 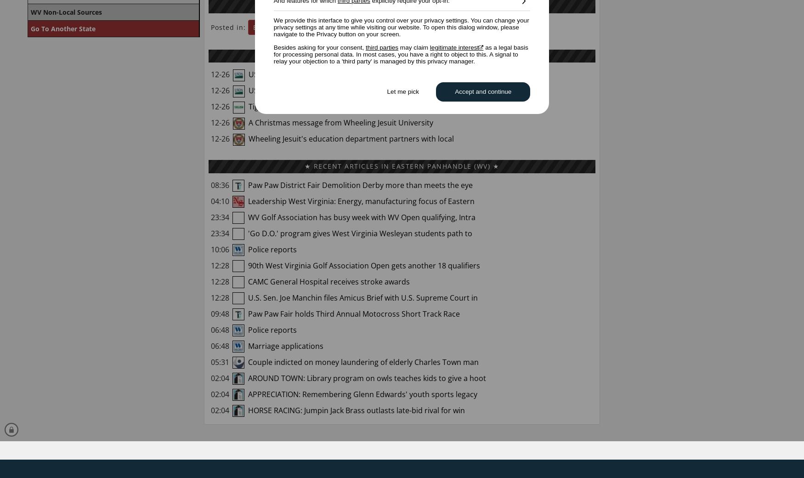 I want to click on '90th West Virginia Golf Association Open gets another 18 qualifiers at Bridgeport Country Club', so click(x=345, y=271).